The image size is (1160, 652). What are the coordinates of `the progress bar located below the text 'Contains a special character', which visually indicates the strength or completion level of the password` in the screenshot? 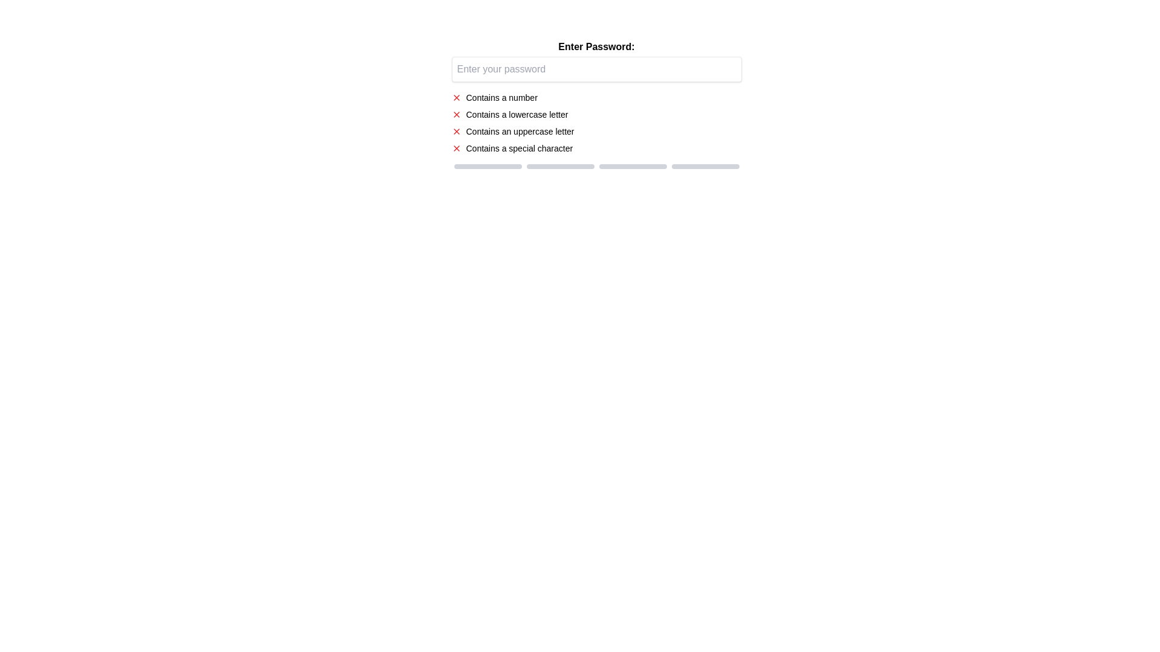 It's located at (596, 167).